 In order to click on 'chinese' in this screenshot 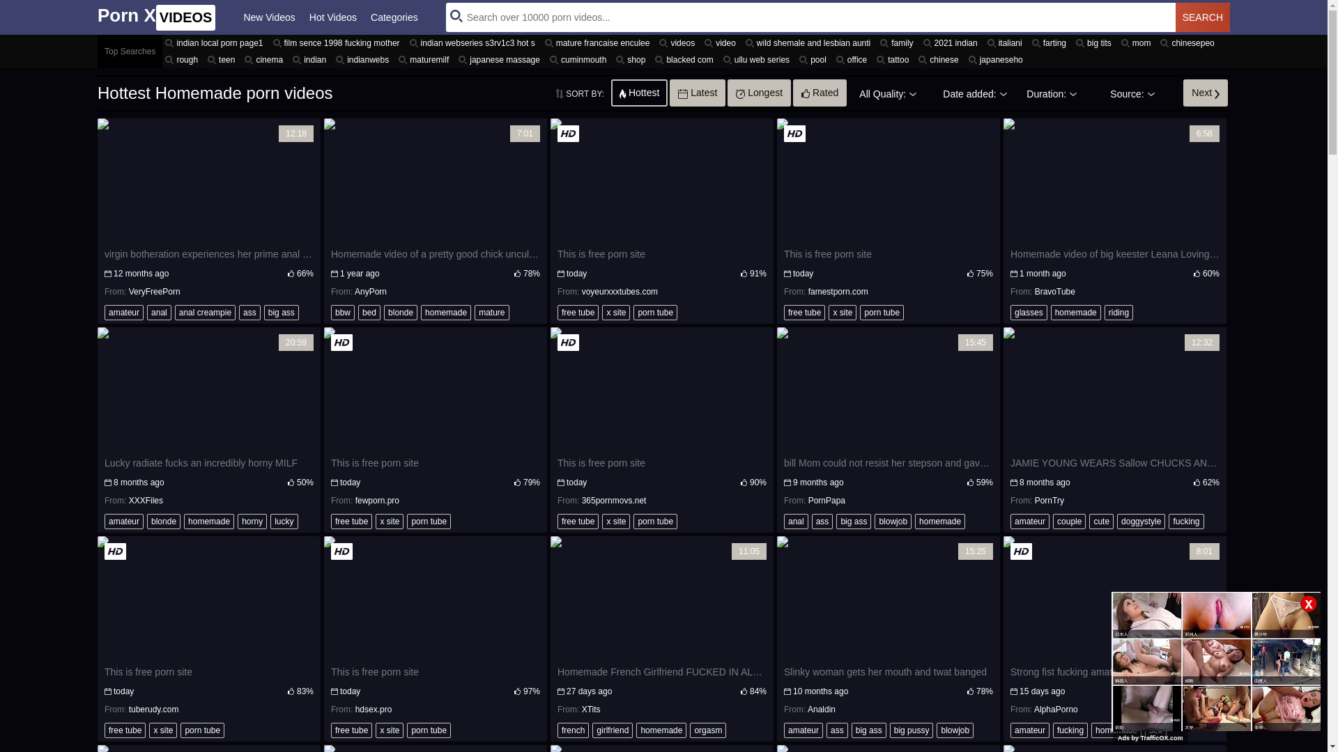, I will do `click(940, 58)`.